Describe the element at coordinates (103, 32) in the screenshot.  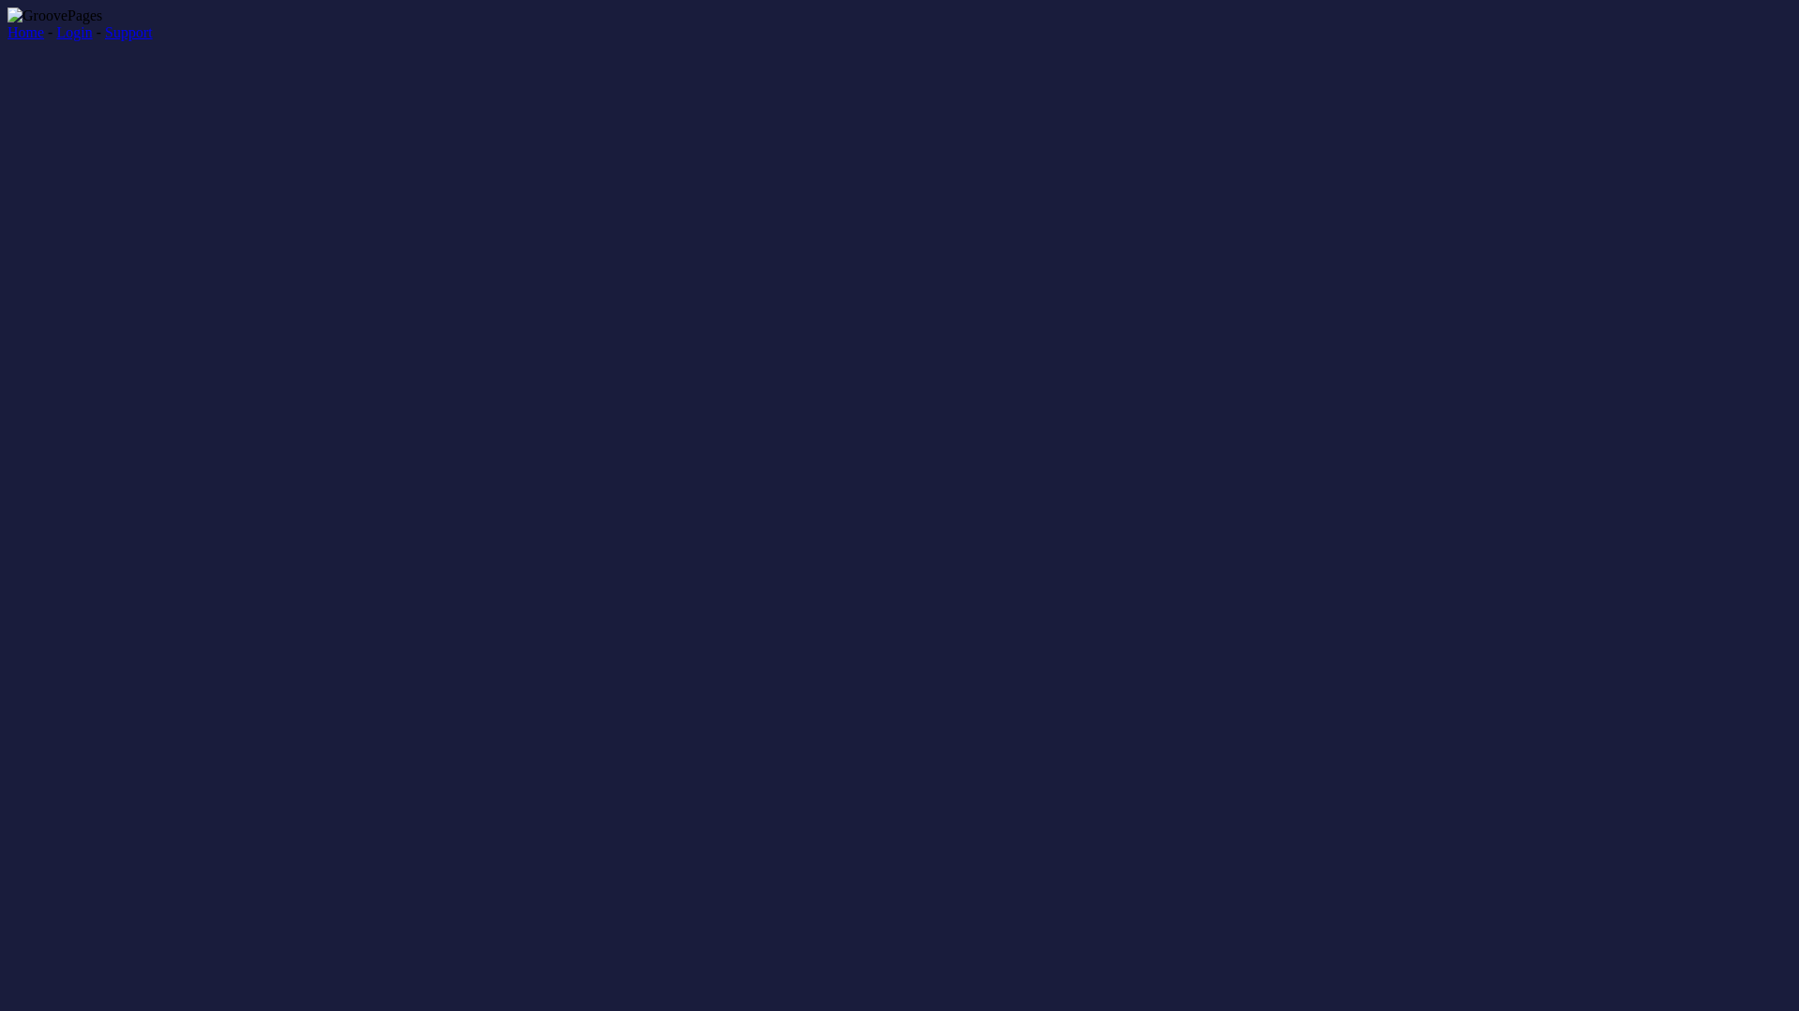
I see `'Support'` at that location.